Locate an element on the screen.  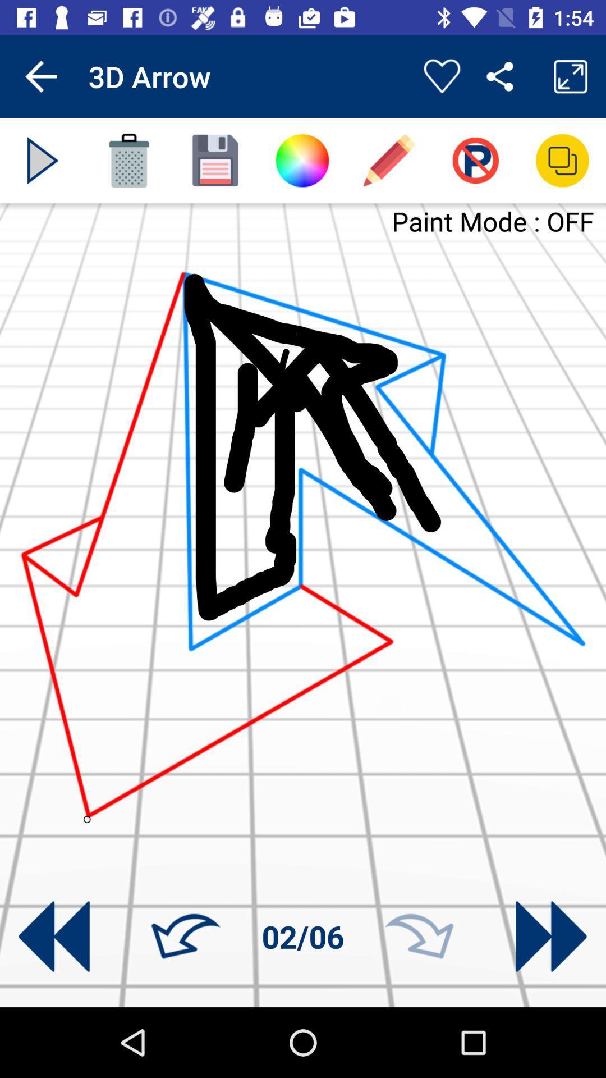
move forward is located at coordinates (419, 937).